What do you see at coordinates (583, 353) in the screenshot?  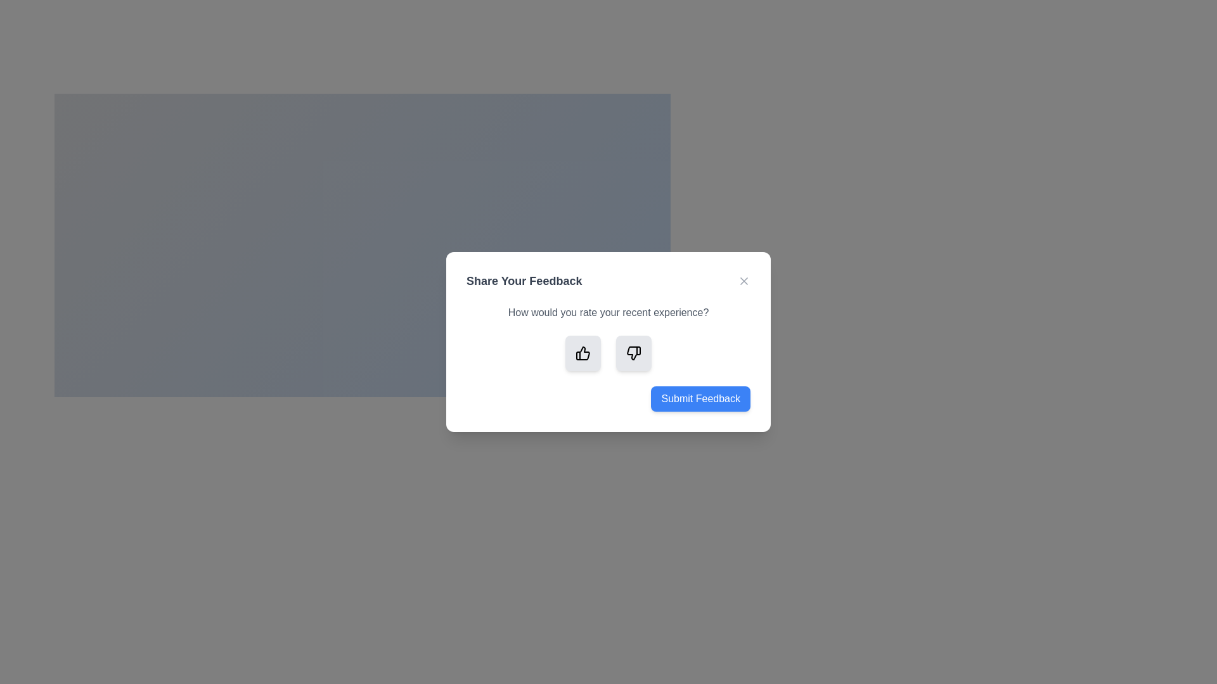 I see `the thumbs-up icon, which is a black and white stylized icon representing positive feedback, located in the left square button under the feedback prompt 'How would you rate your recent experience?'` at bounding box center [583, 353].